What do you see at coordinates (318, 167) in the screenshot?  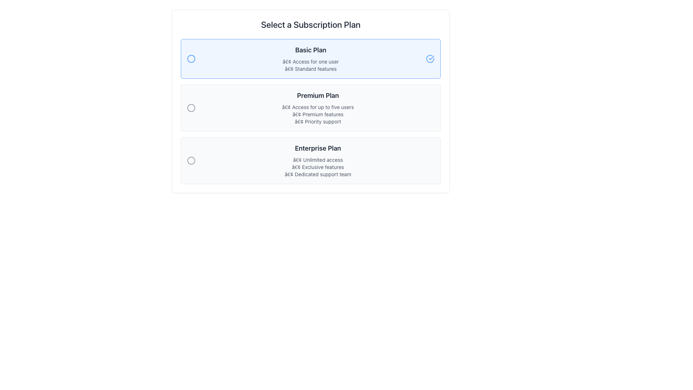 I see `the text block containing the three bullet points describing the benefits of the 'Enterprise Plan', which is styled in a smaller font size and muted gray color` at bounding box center [318, 167].